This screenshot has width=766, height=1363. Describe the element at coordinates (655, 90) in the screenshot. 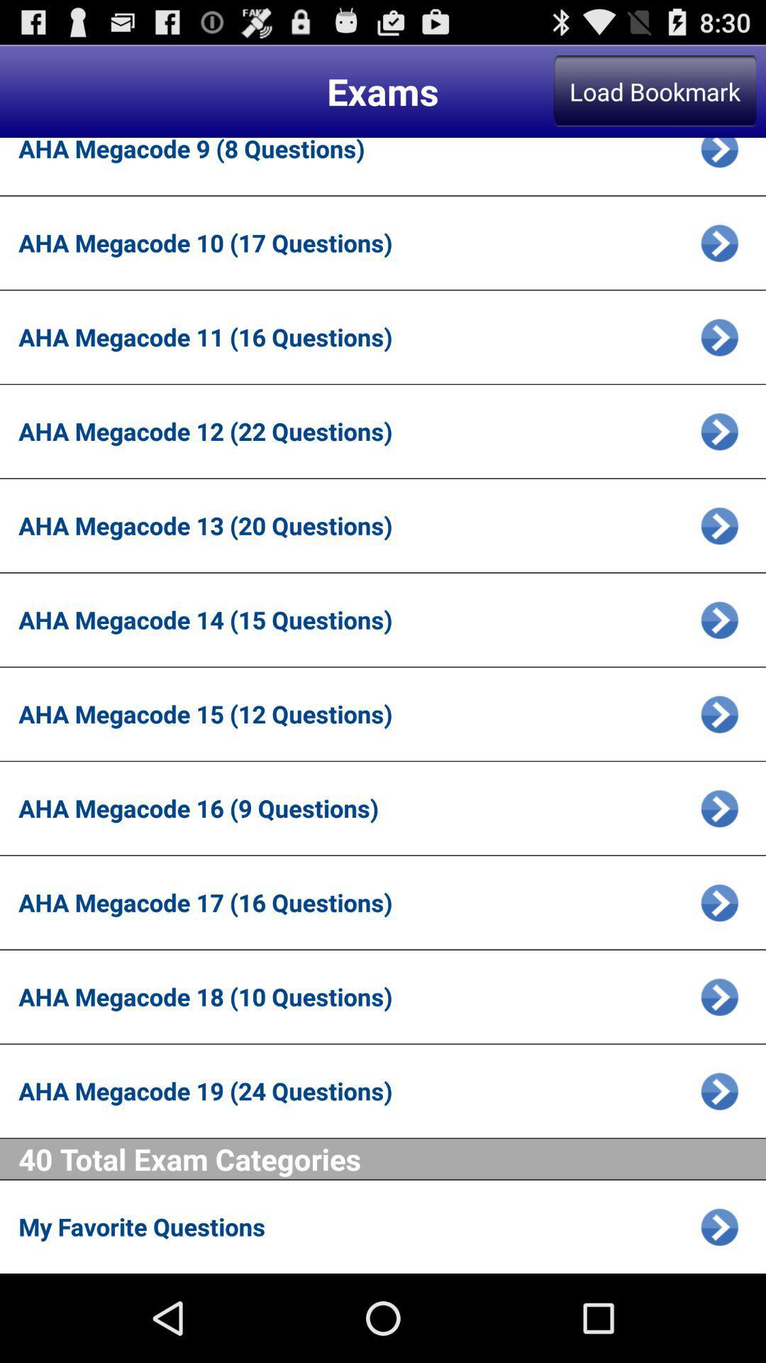

I see `the app to the right of exams icon` at that location.